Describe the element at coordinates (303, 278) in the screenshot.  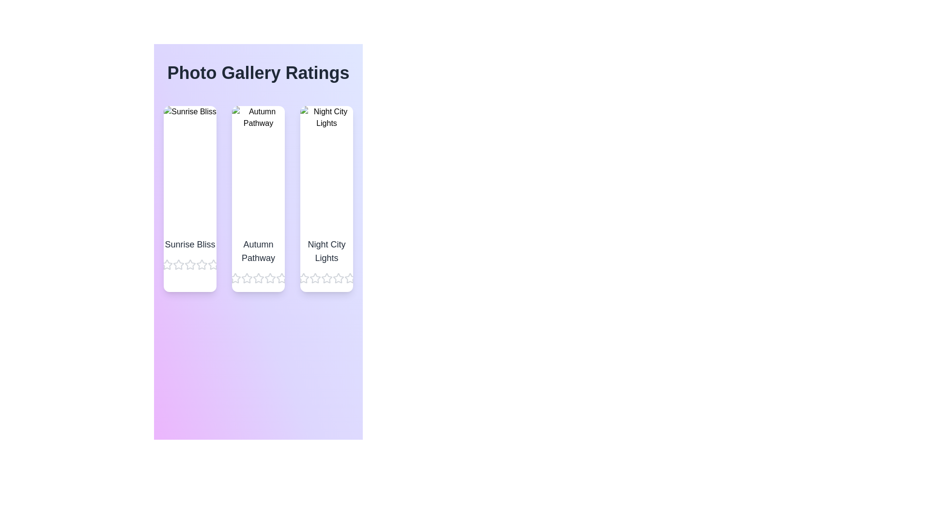
I see `the star corresponding to 1 stars for the image titled Night City Lights` at that location.